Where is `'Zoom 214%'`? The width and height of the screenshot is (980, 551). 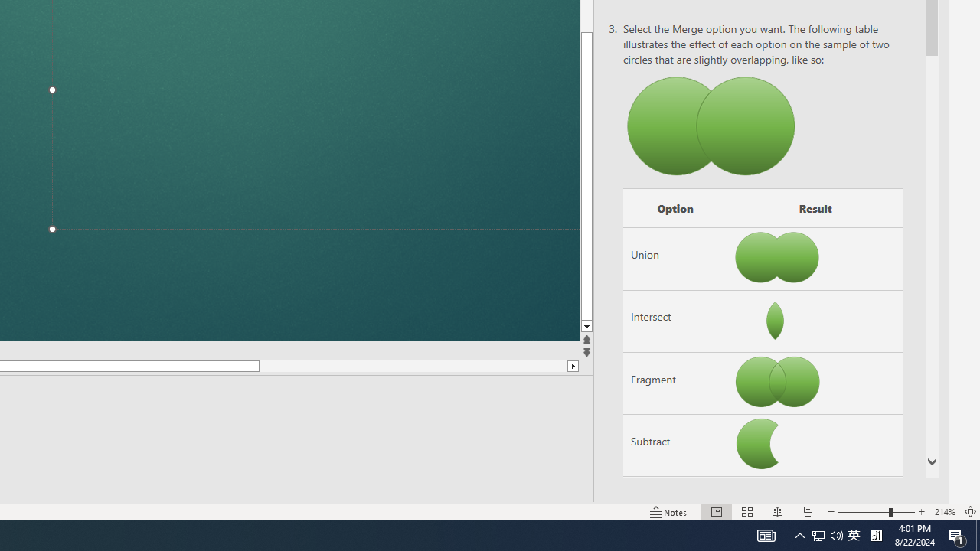
'Zoom 214%' is located at coordinates (944, 512).